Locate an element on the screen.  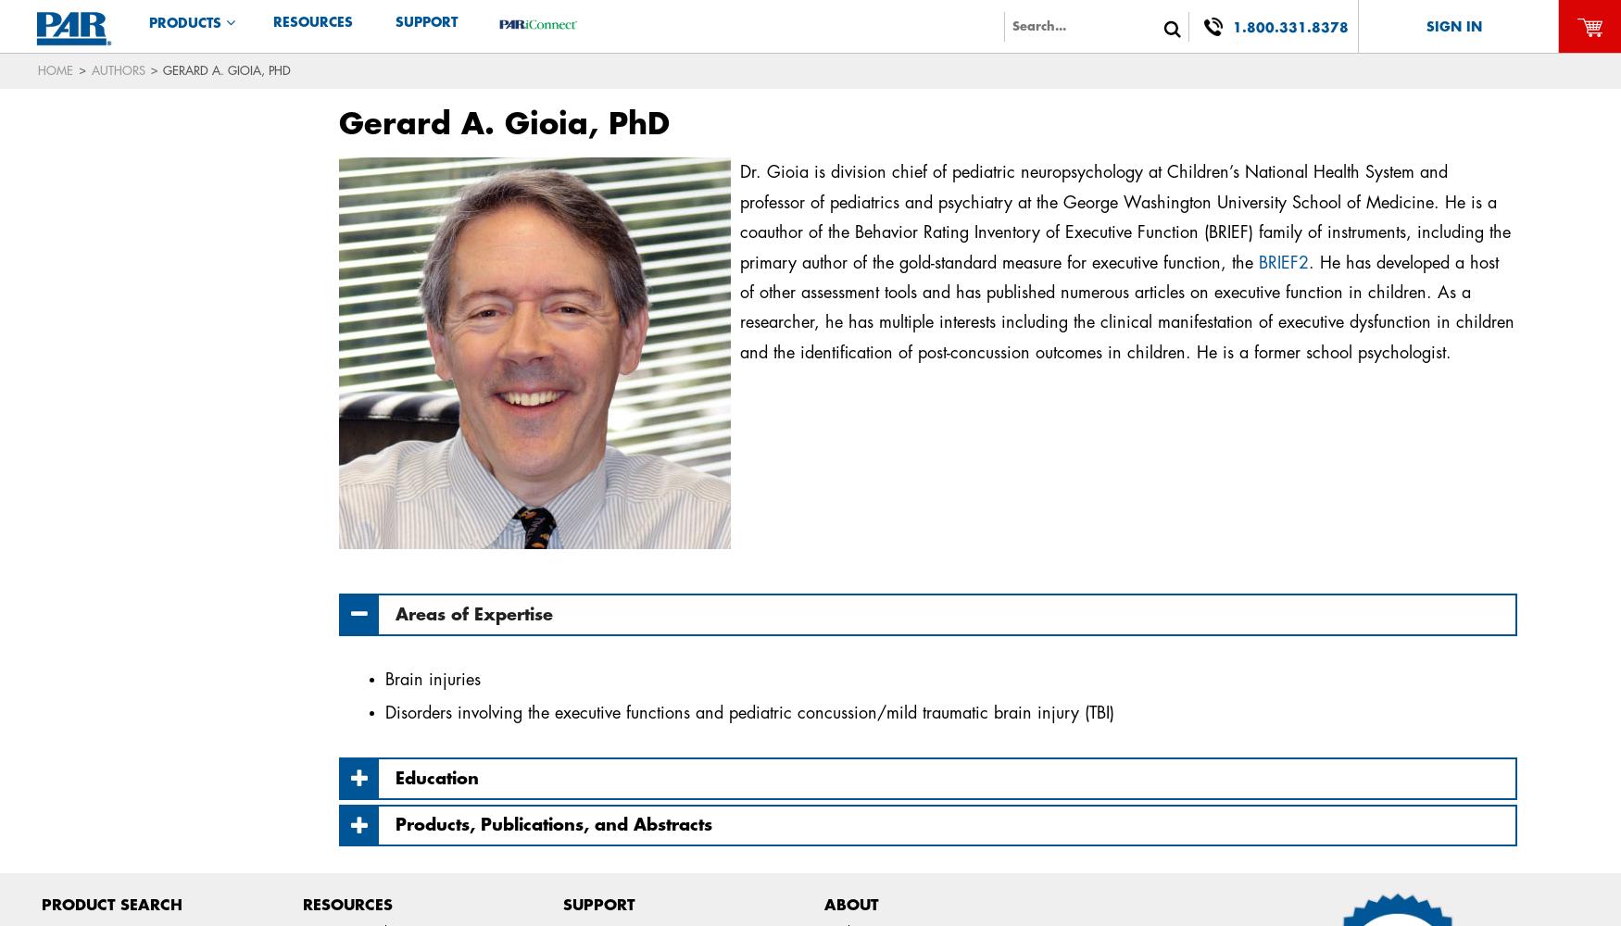
'Dr. Gioia is division chief of pediatric neuropsychology at Children’s National Health System and professor of pediatrics and psychiatry at the George Washington University School of Medicine. He is a coauthor of the Behavior Rating Inventory of Executive Function (BRIEF) family of instruments, including the primary author of the gold-standard measure for executive function, the' is located at coordinates (1124, 216).